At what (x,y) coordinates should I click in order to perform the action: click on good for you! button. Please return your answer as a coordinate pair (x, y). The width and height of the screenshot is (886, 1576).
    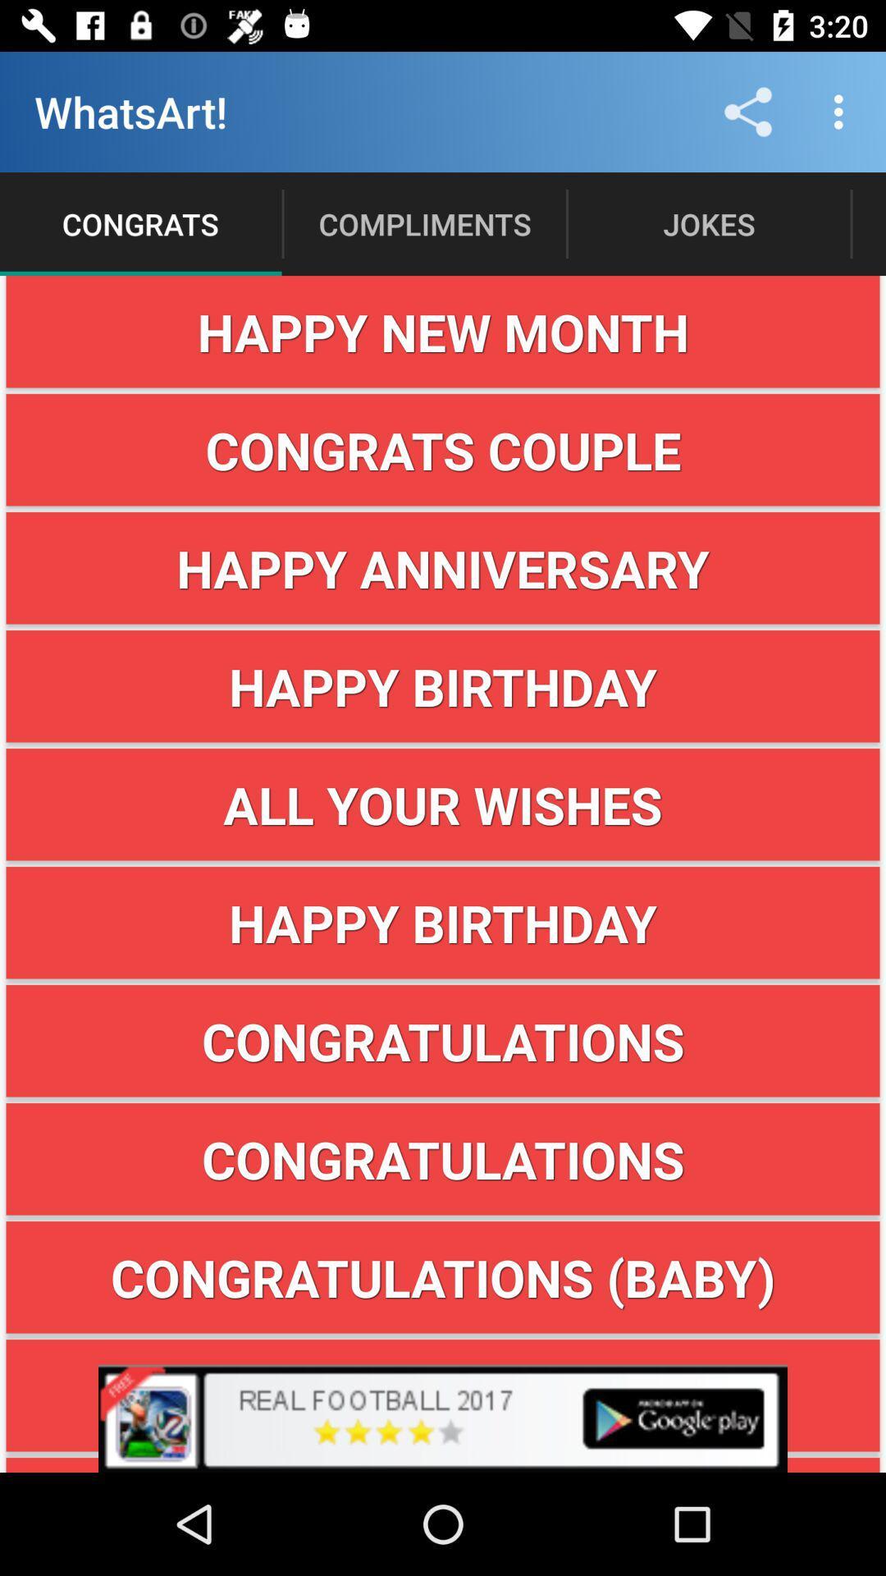
    Looking at the image, I should click on (443, 1465).